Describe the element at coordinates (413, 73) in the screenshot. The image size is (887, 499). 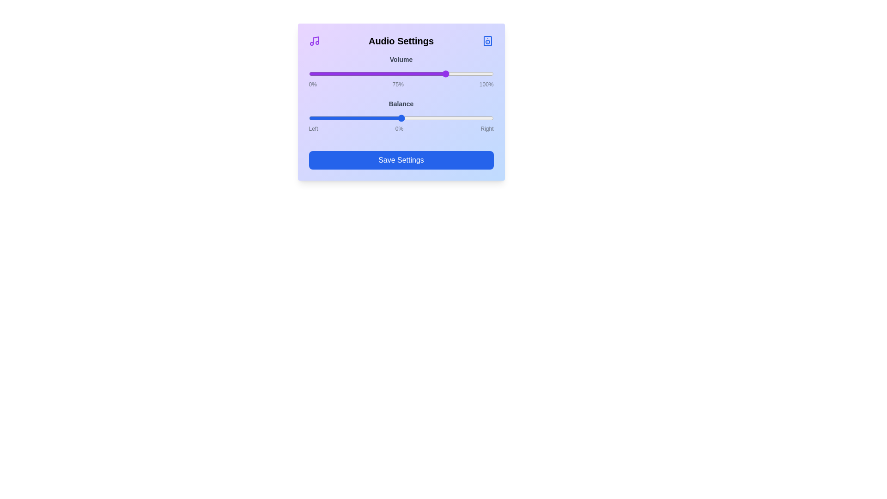
I see `the volume slider to 57%` at that location.